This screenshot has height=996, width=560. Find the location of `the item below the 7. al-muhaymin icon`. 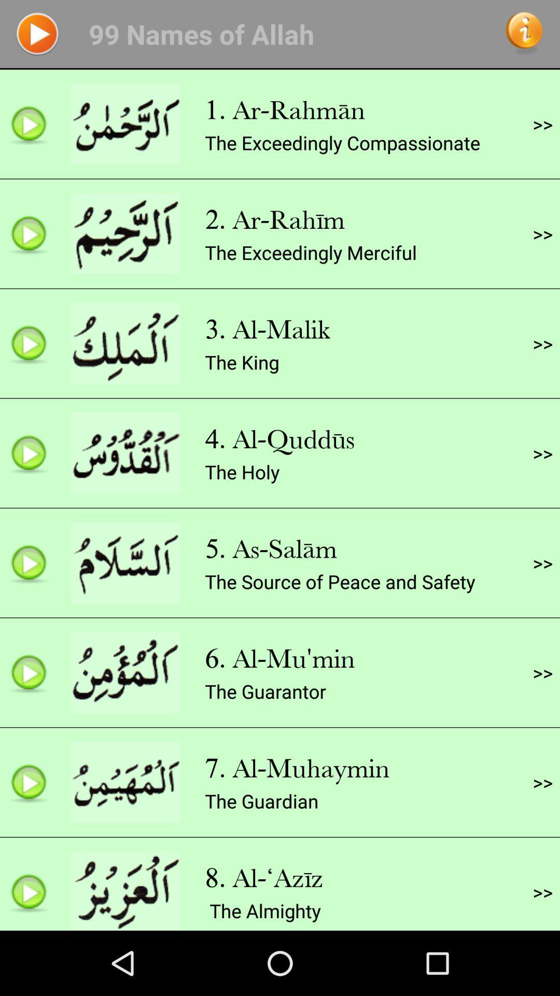

the item below the 7. al-muhaymin icon is located at coordinates (261, 800).